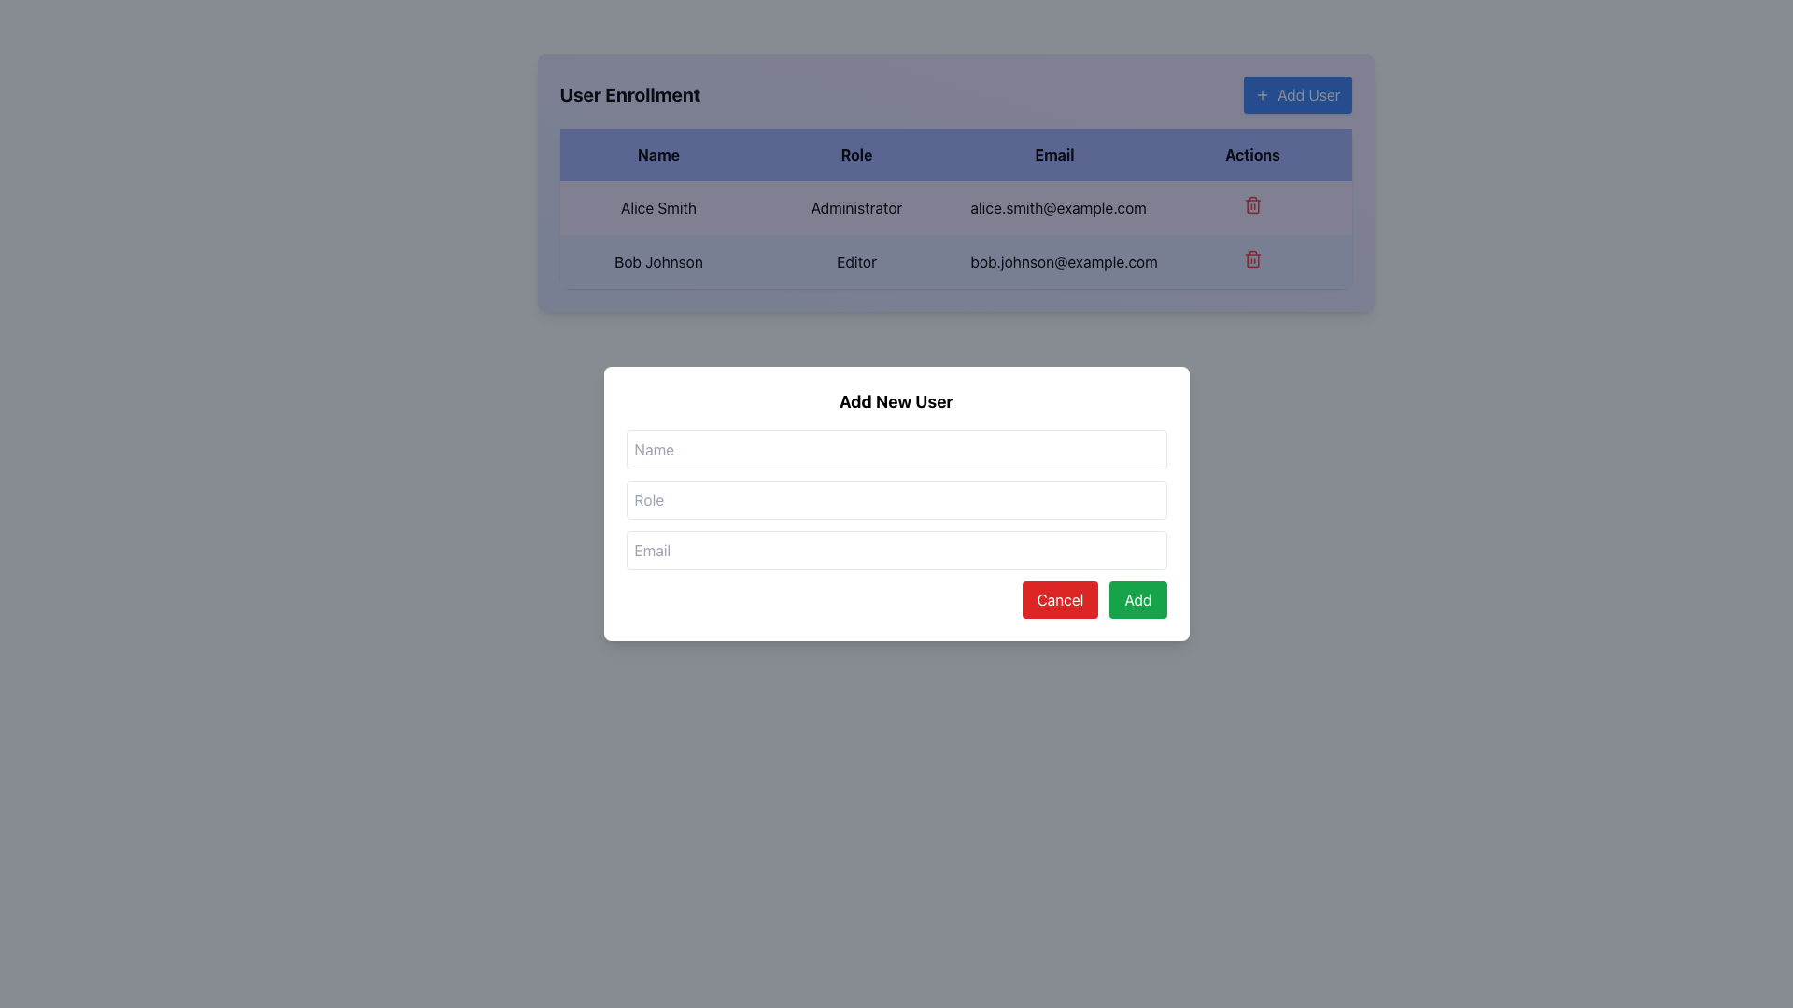  I want to click on the static text label displaying 'Administrator' in the 'Role' column of the 'User Enrollment' section for the user 'Alice Smith', so click(855, 208).